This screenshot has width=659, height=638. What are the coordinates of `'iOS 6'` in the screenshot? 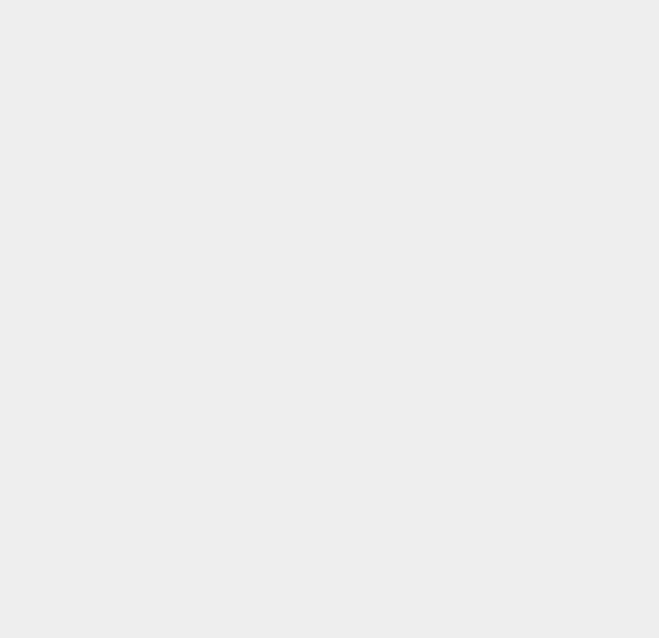 It's located at (466, 23).